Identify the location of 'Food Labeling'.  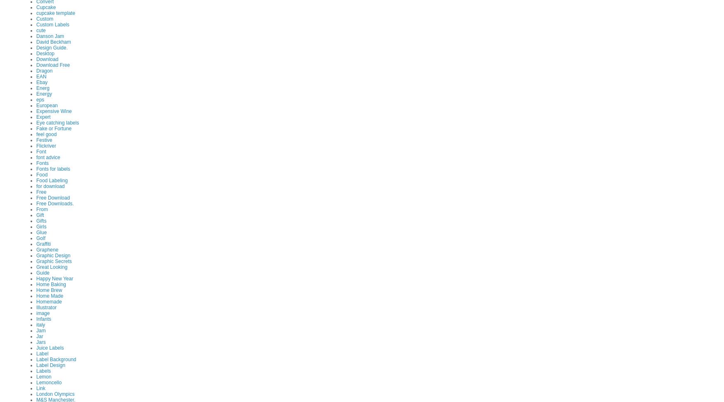
(51, 180).